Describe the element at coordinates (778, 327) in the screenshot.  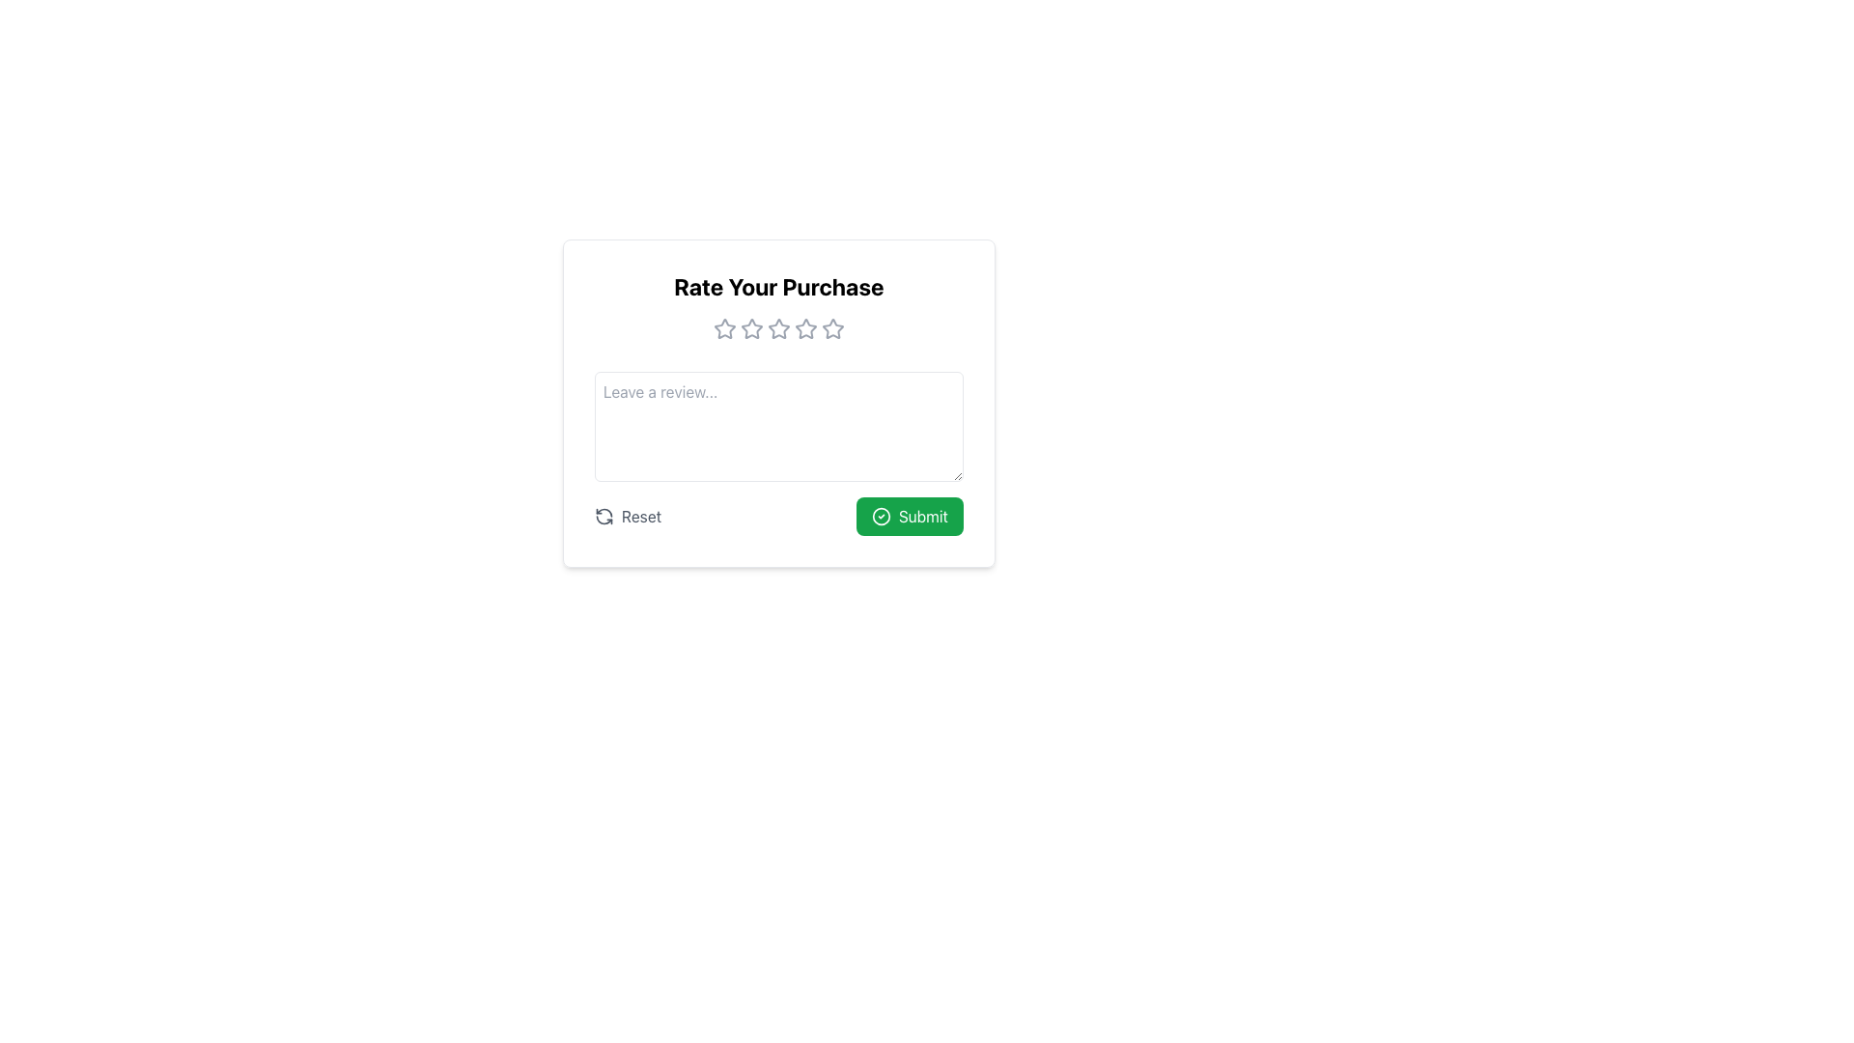
I see `the middle (third) star in the series of five empty stars located beneath the 'Rate Your Purchase' heading` at that location.